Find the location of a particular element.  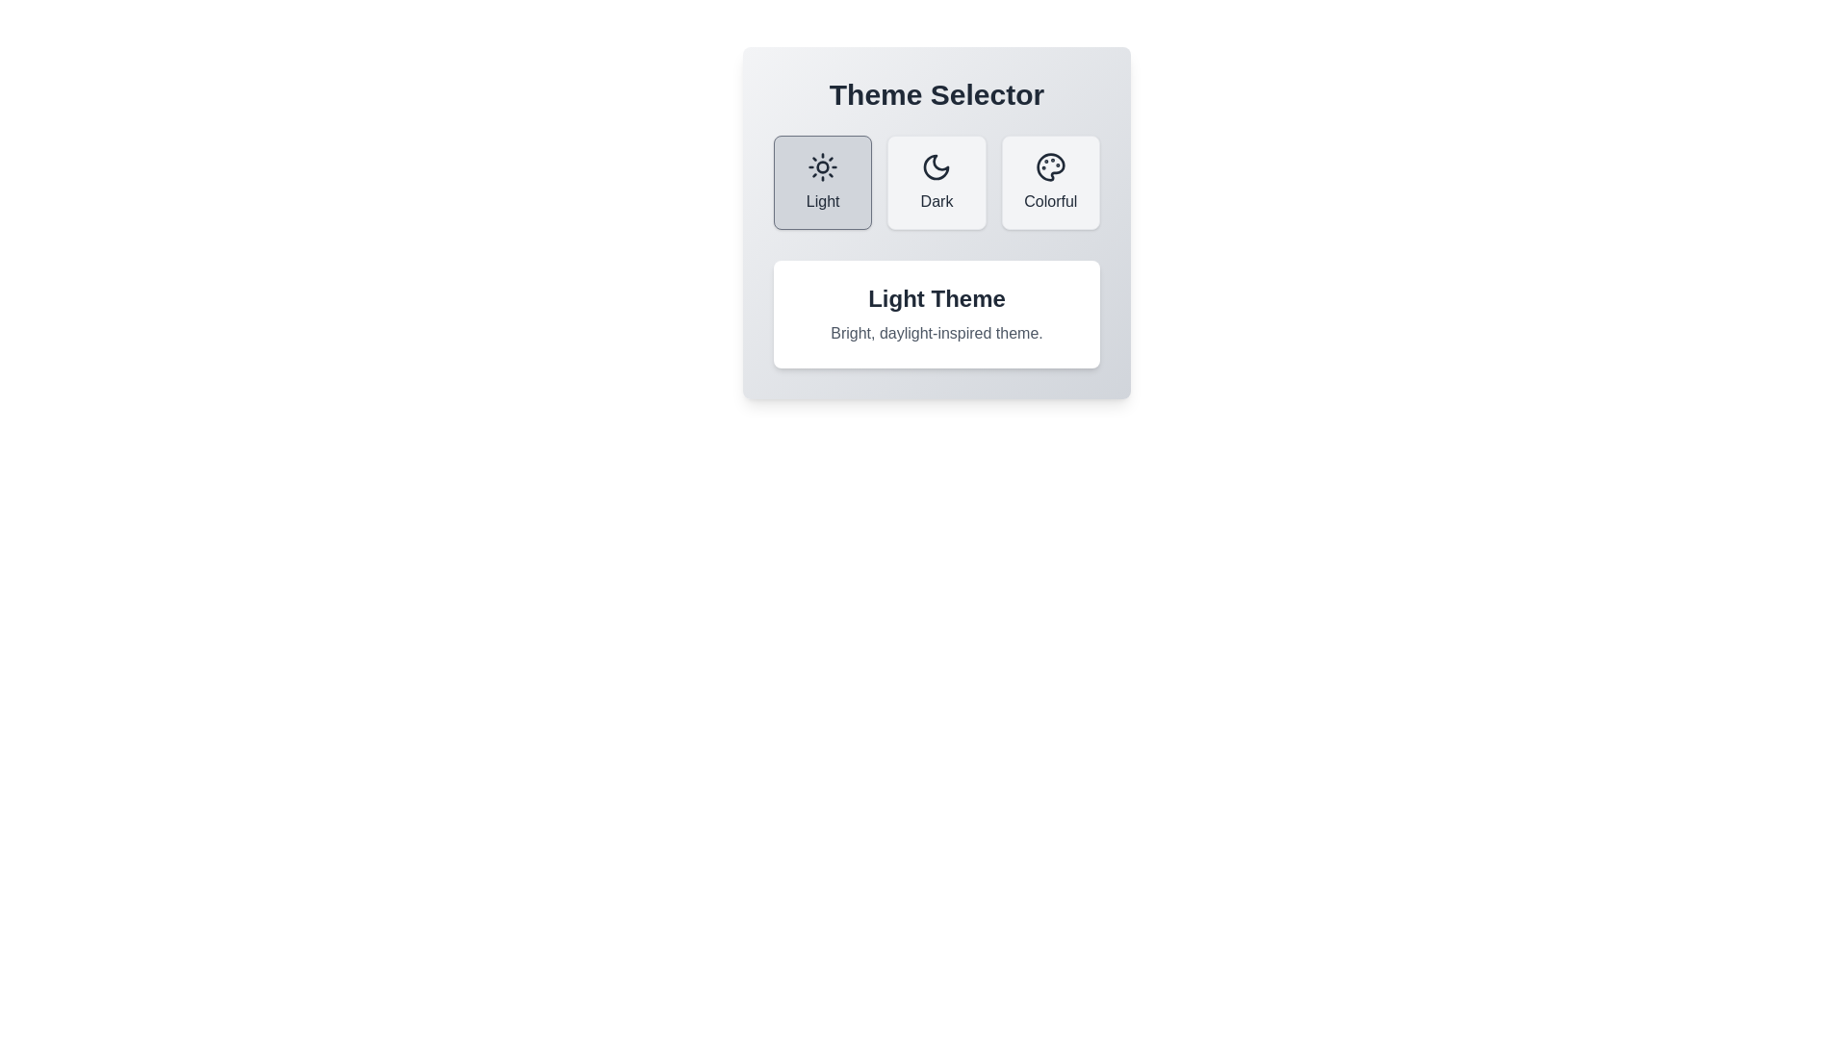

the circular center of the sun icon within the 'Light' theme button in the theme selector interface is located at coordinates (823, 165).